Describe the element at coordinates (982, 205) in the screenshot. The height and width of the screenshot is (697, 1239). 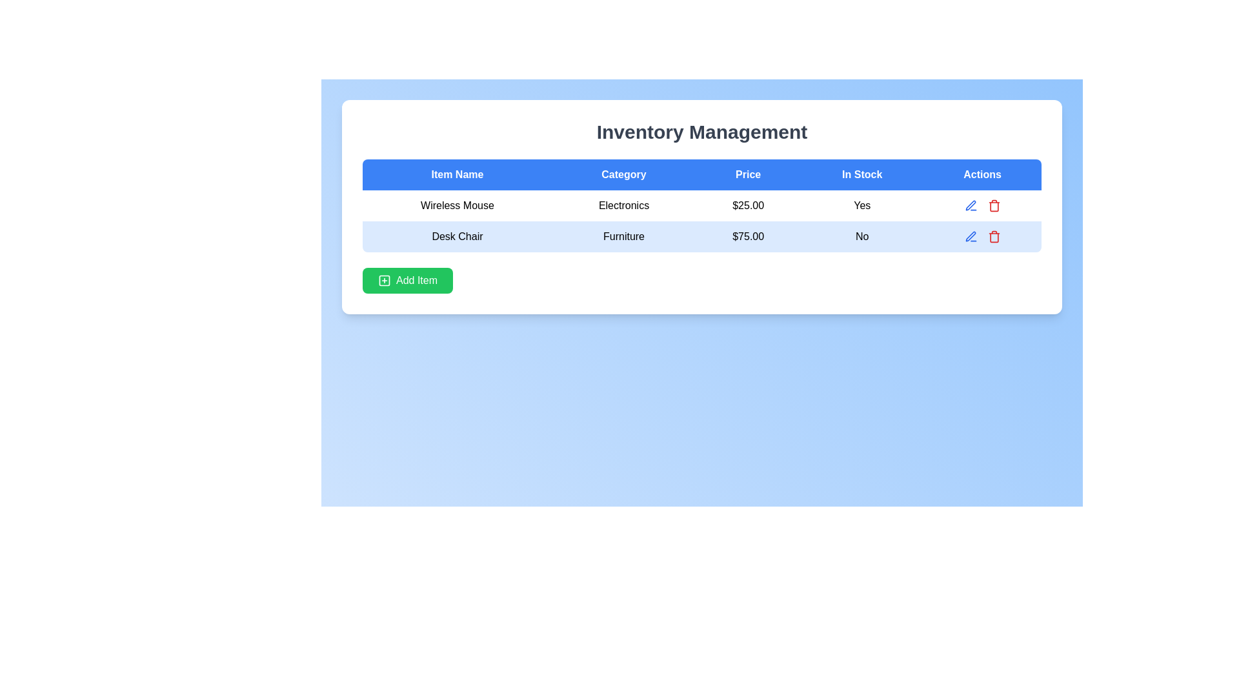
I see `the interactive icons in the 'Actions' column of the first row of the table corresponding to the 'Wireless Mouse' item` at that location.